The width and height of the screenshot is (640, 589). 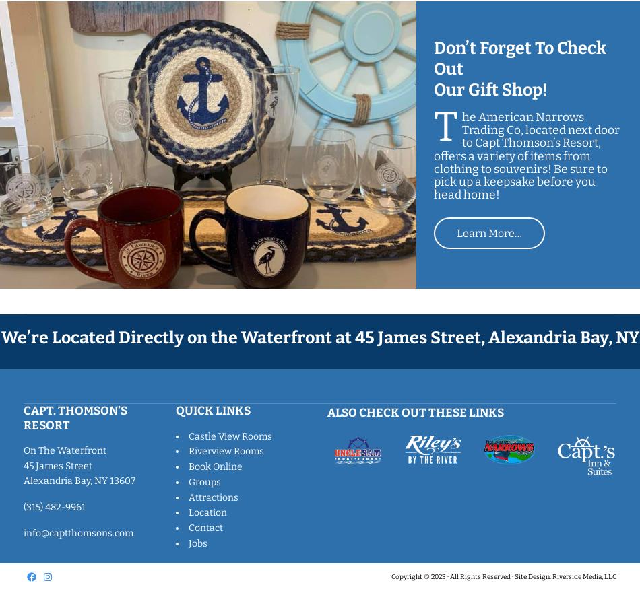 What do you see at coordinates (79, 481) in the screenshot?
I see `'Alexandria Bay, NY 13607'` at bounding box center [79, 481].